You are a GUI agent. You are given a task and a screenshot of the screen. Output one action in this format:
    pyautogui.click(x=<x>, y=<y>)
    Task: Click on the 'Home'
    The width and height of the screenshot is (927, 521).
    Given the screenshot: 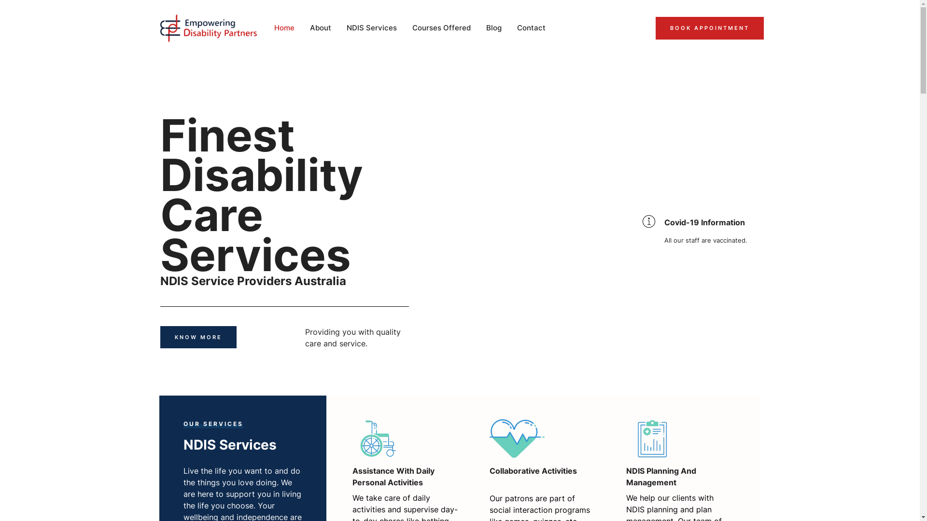 What is the action you would take?
    pyautogui.click(x=286, y=27)
    